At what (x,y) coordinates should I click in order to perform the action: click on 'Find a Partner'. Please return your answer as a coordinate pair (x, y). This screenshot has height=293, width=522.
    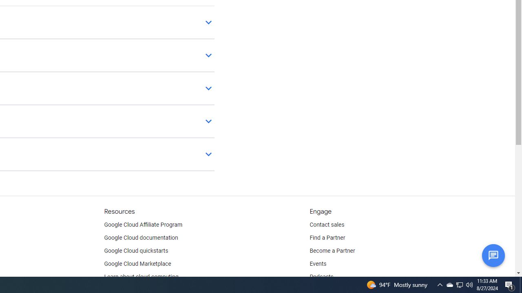
    Looking at the image, I should click on (327, 238).